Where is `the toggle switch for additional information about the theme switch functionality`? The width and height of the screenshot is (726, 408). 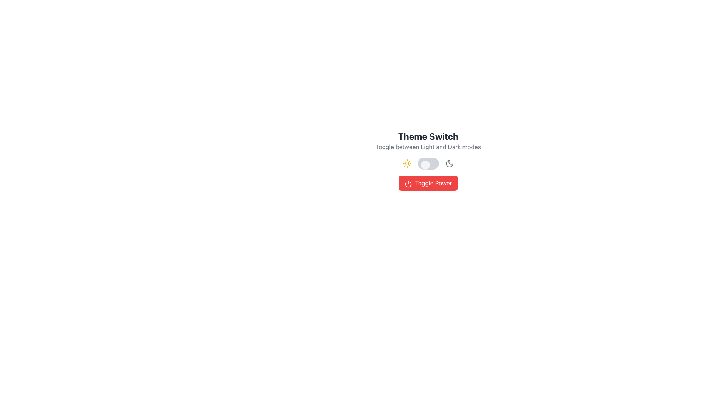
the toggle switch for additional information about the theme switch functionality is located at coordinates (428, 160).